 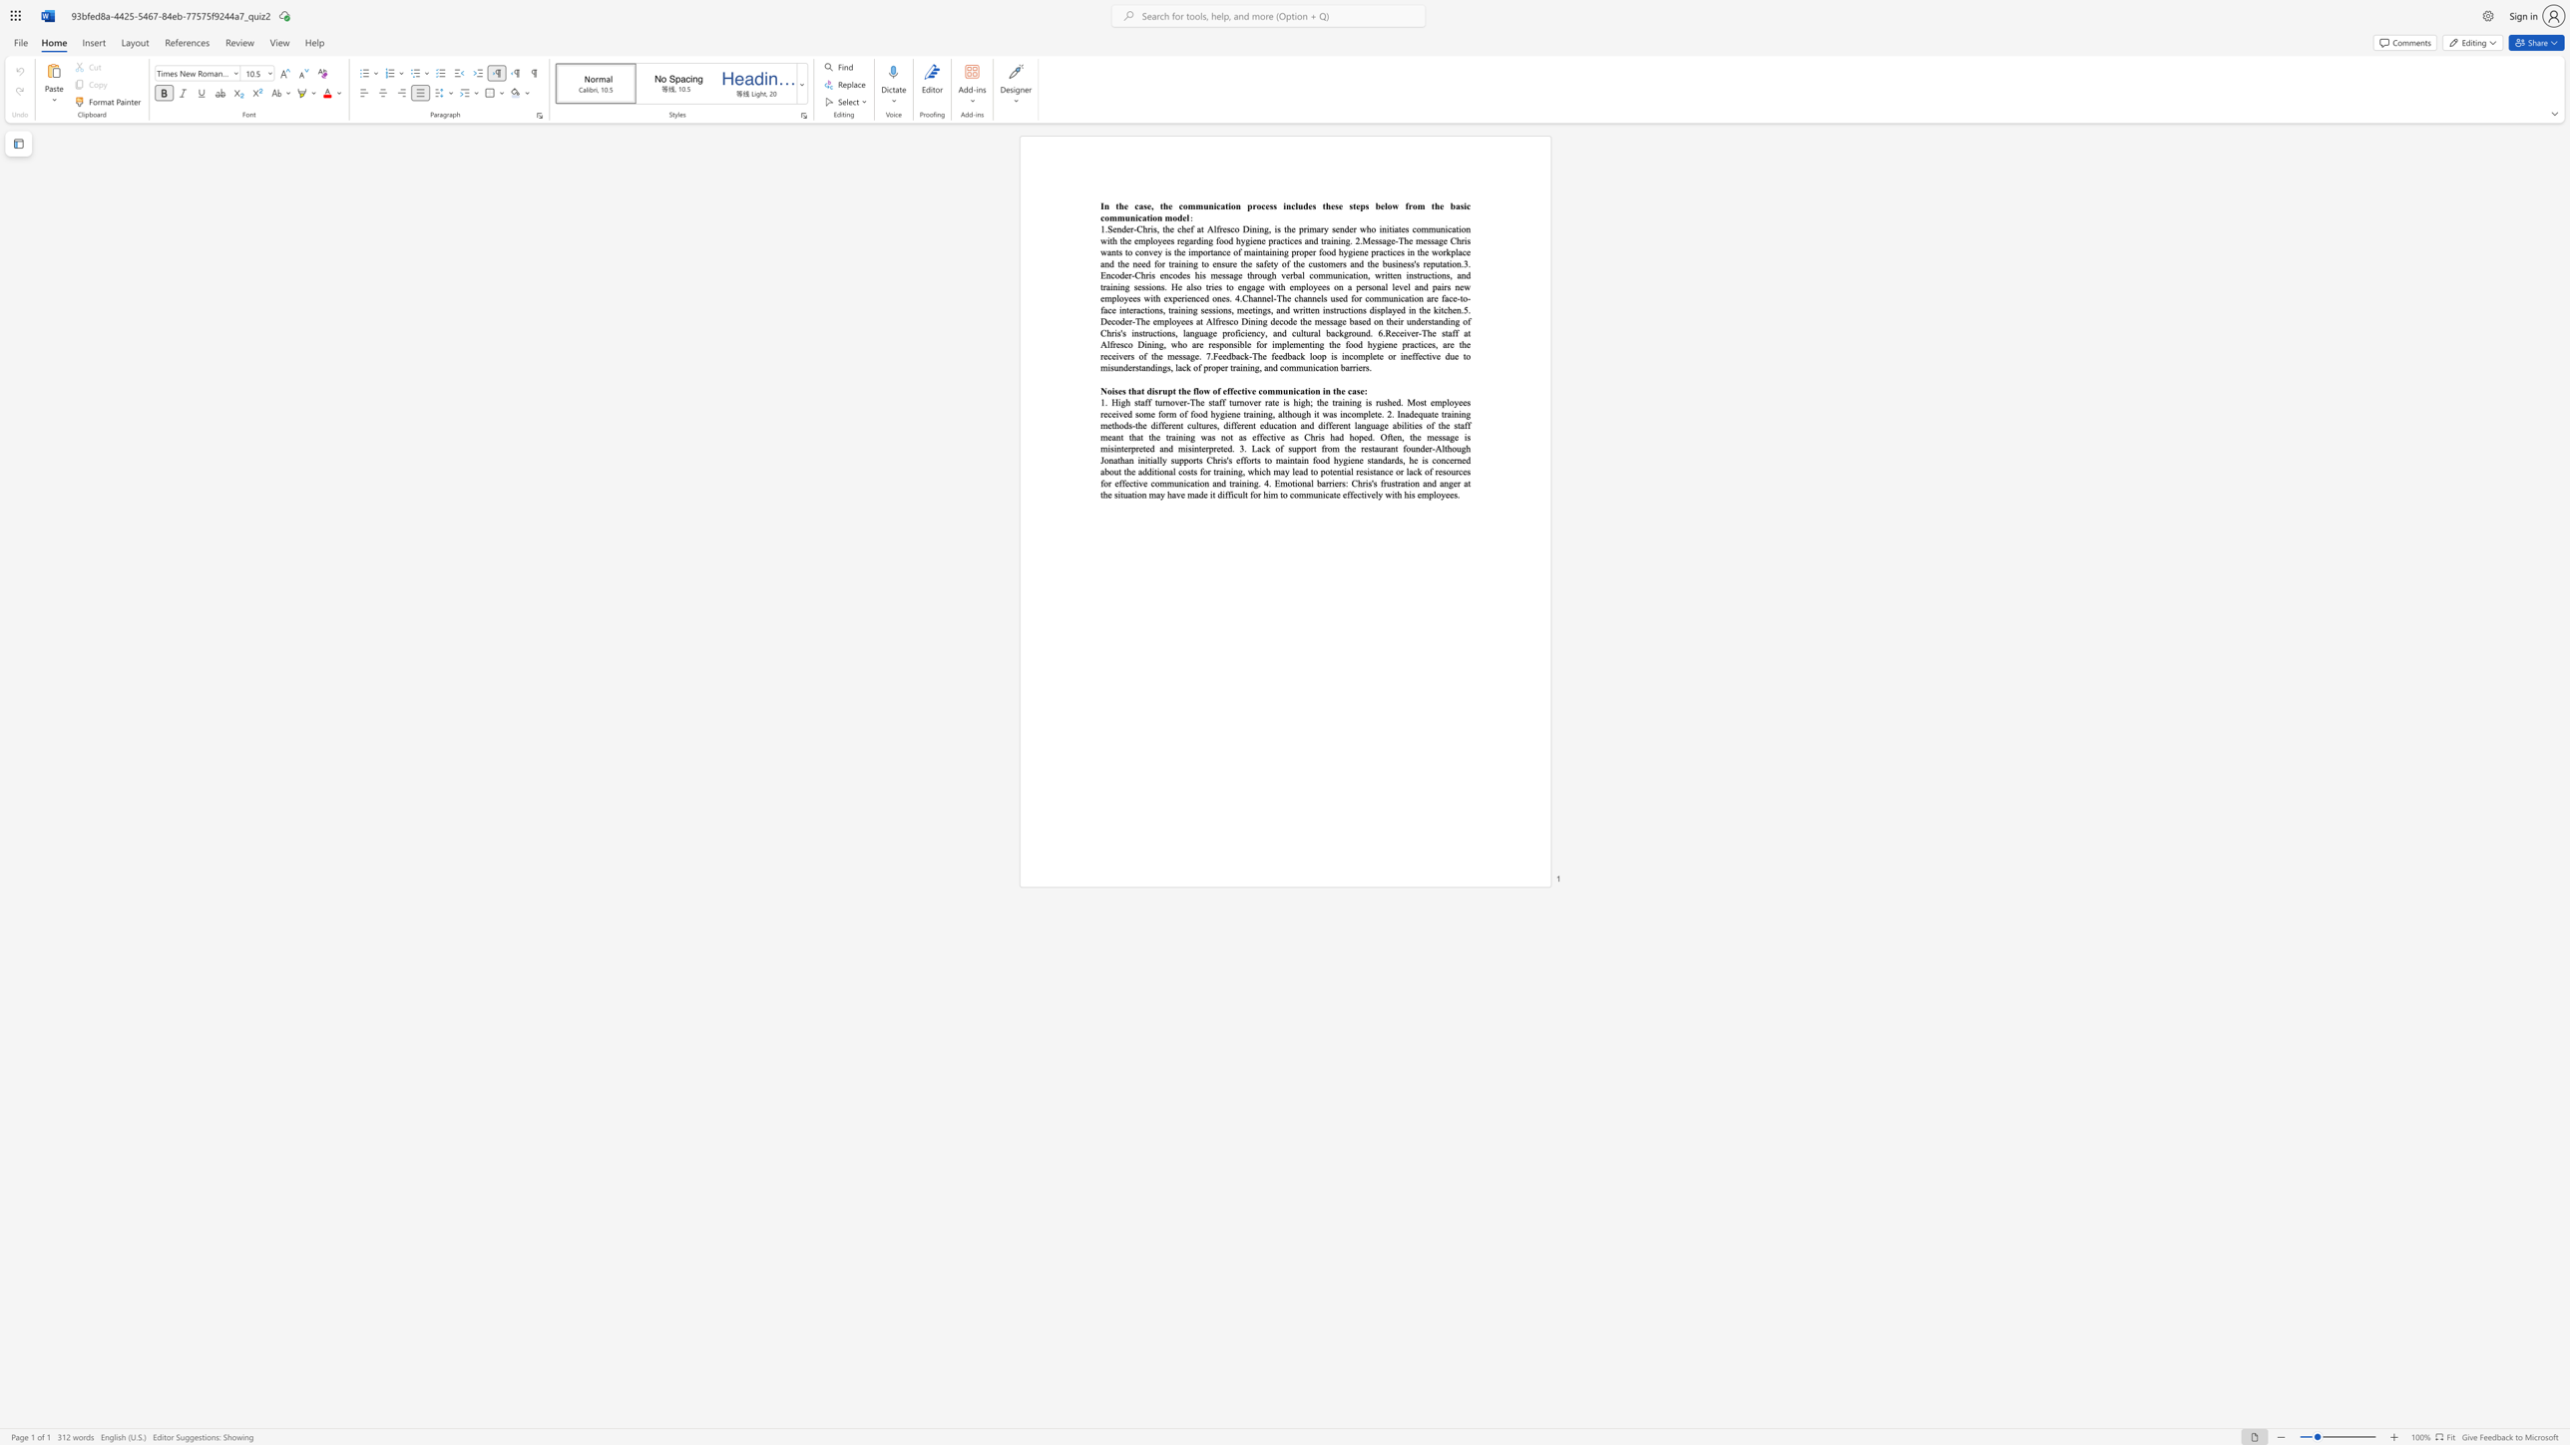 What do you see at coordinates (1310, 205) in the screenshot?
I see `the 5th character "e" in the text` at bounding box center [1310, 205].